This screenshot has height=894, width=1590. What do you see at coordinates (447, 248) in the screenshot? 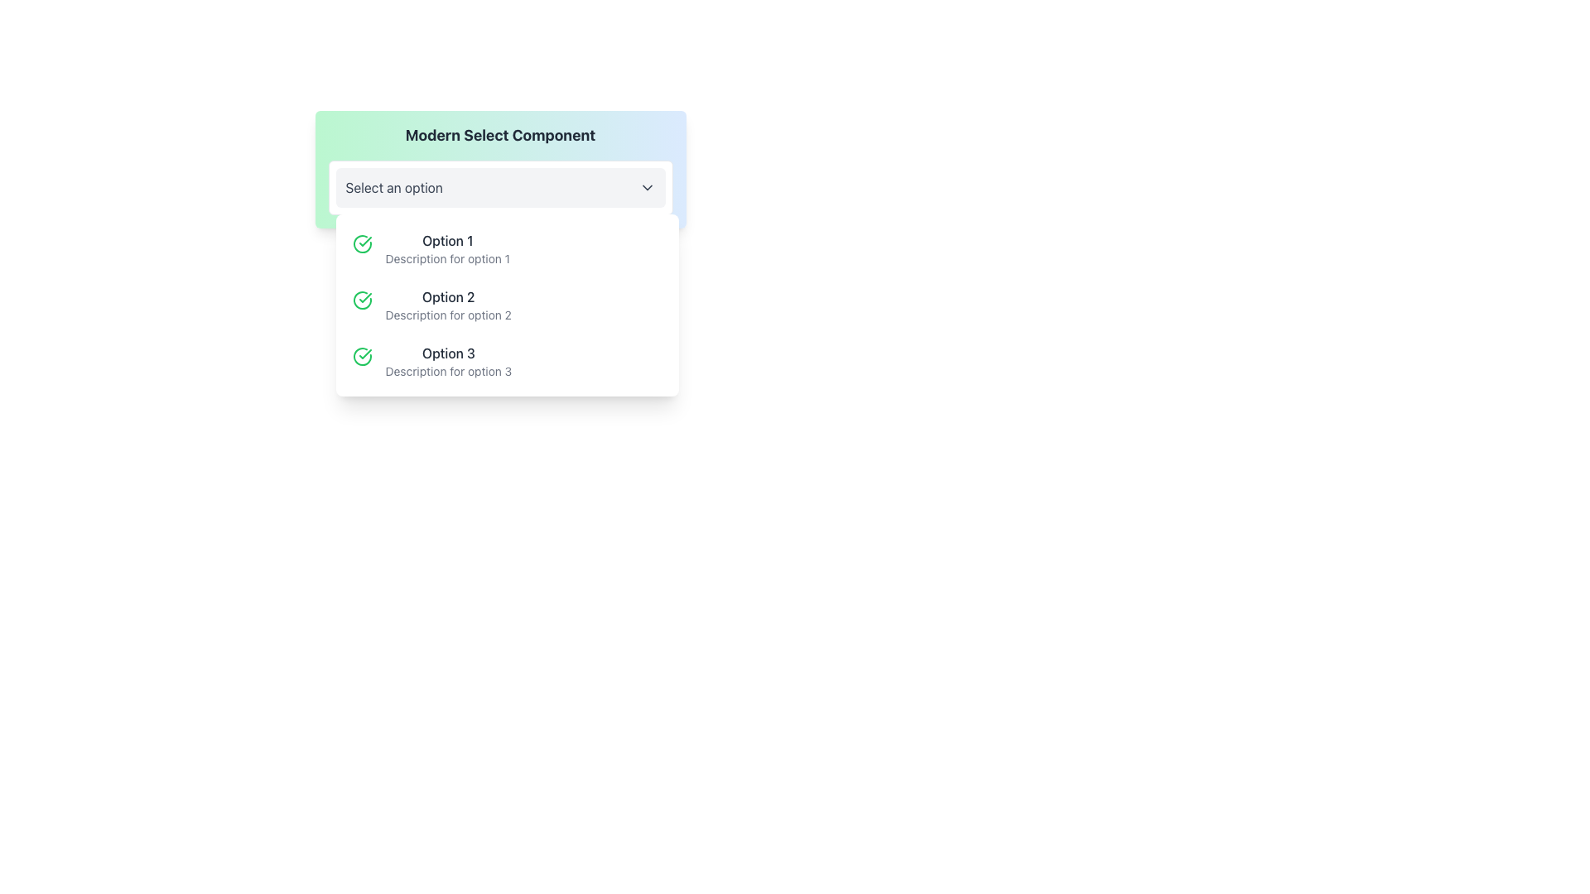
I see `to select the dropdown option labeled 'Option 1', which is the first item in the dropdown list` at bounding box center [447, 248].